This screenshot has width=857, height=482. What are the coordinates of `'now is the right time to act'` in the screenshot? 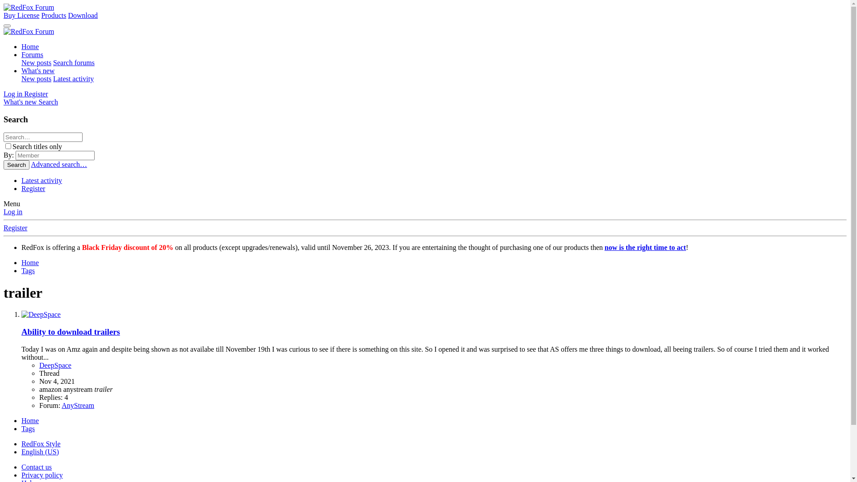 It's located at (645, 247).